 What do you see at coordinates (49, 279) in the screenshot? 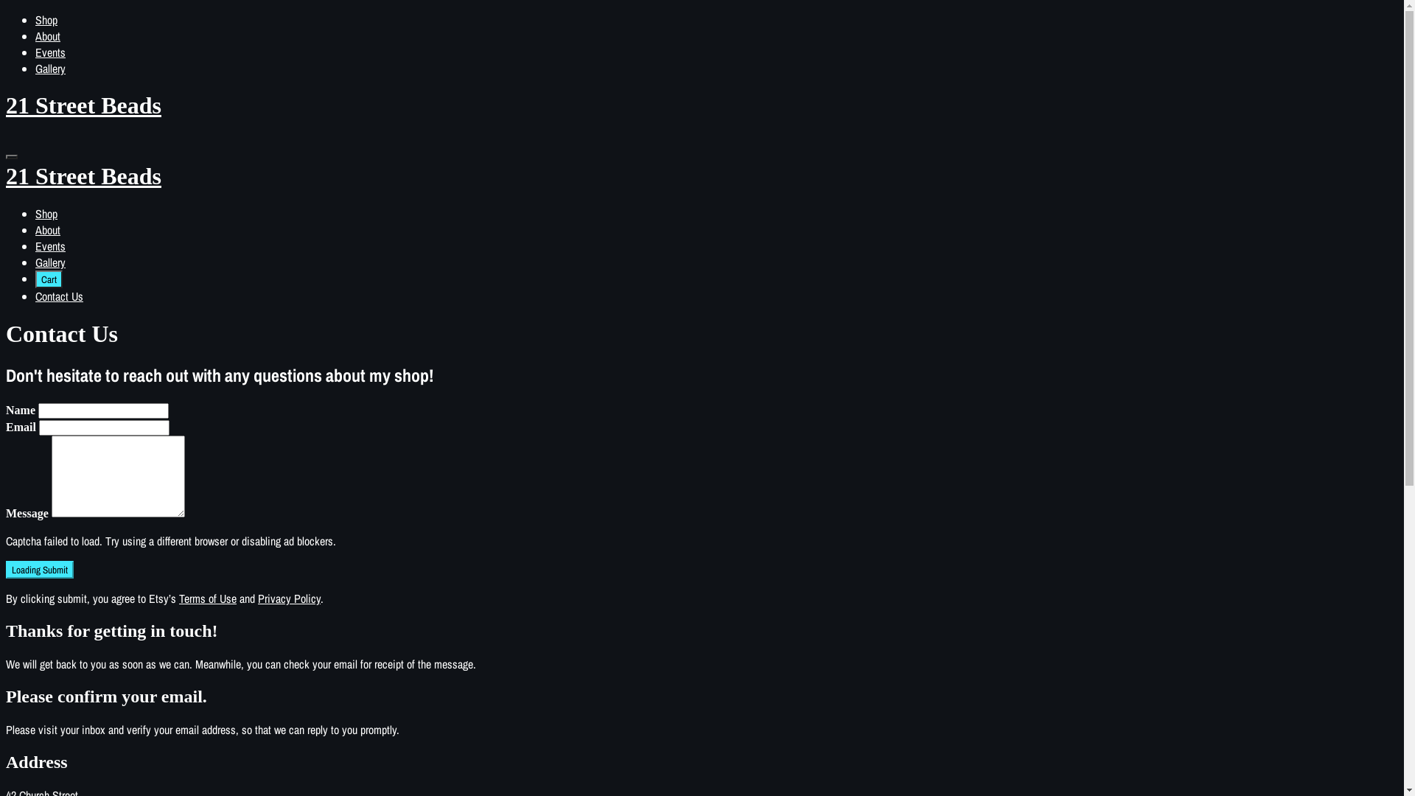
I see `'Cart'` at bounding box center [49, 279].